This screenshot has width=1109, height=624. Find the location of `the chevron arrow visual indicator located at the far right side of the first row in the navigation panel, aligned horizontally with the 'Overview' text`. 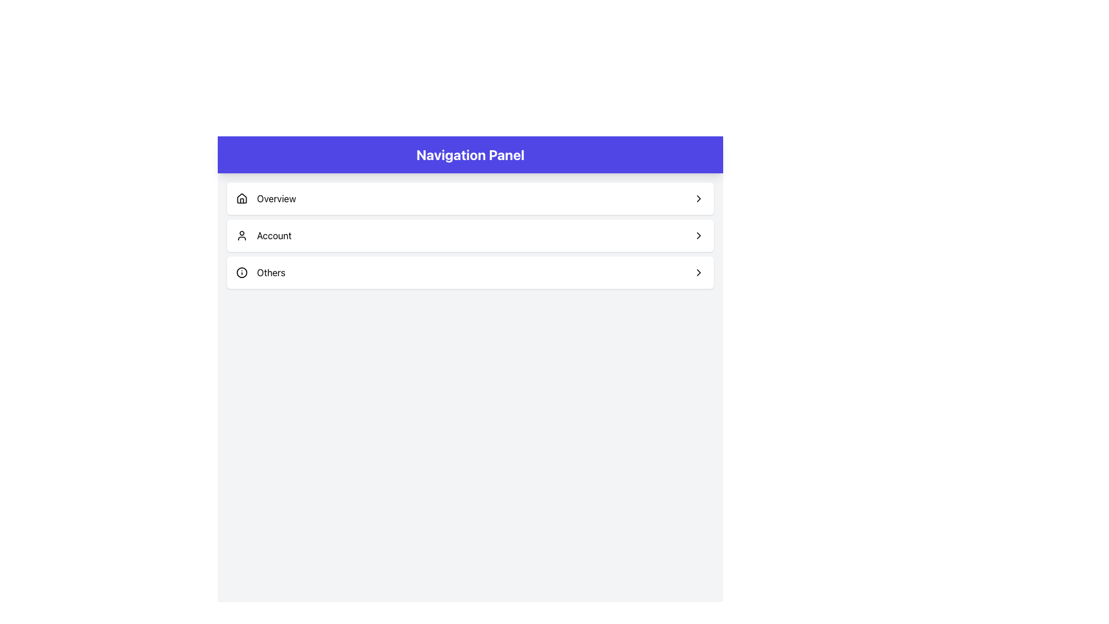

the chevron arrow visual indicator located at the far right side of the first row in the navigation panel, aligned horizontally with the 'Overview' text is located at coordinates (698, 198).